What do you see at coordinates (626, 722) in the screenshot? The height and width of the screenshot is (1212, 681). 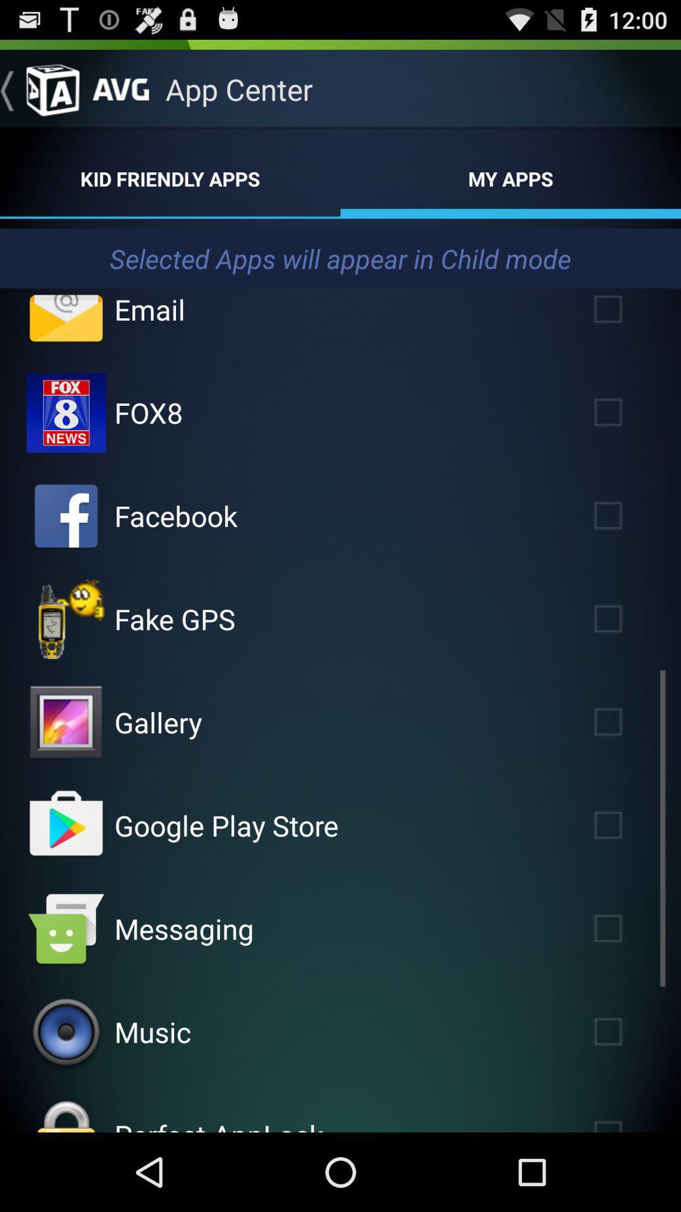 I see `the gallery` at bounding box center [626, 722].